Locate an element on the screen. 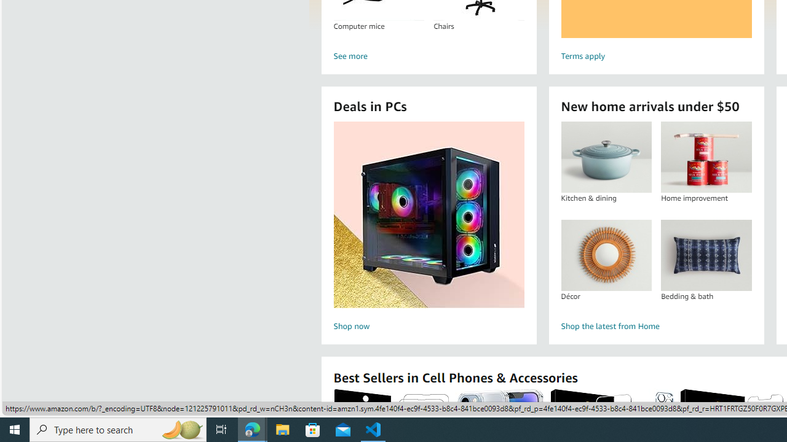 The width and height of the screenshot is (787, 442). 'Deals in PCs Shop now' is located at coordinates (429, 228).